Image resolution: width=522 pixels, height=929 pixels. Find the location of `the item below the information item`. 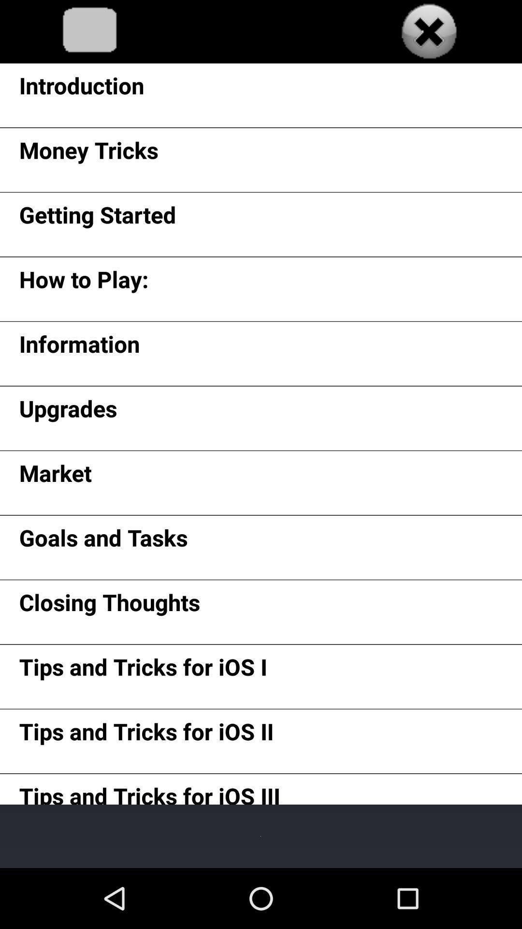

the item below the information item is located at coordinates (68, 412).